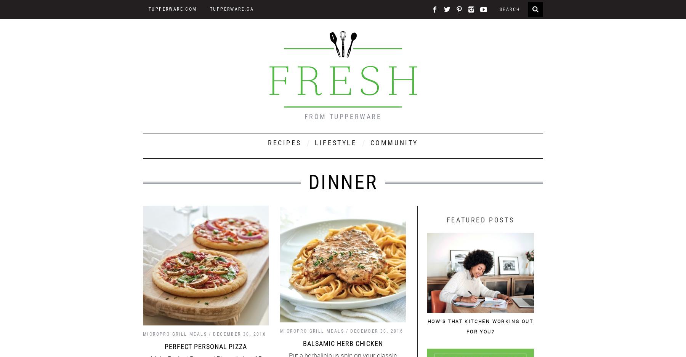  What do you see at coordinates (172, 9) in the screenshot?
I see `'Tupperware.com'` at bounding box center [172, 9].